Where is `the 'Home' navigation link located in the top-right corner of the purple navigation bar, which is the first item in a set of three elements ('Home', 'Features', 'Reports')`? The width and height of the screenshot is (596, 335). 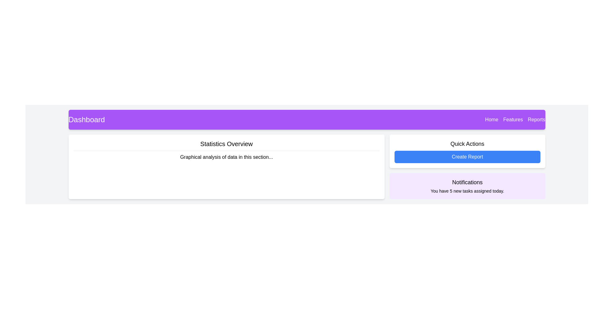
the 'Home' navigation link located in the top-right corner of the purple navigation bar, which is the first item in a set of three elements ('Home', 'Features', 'Reports') is located at coordinates (491, 119).